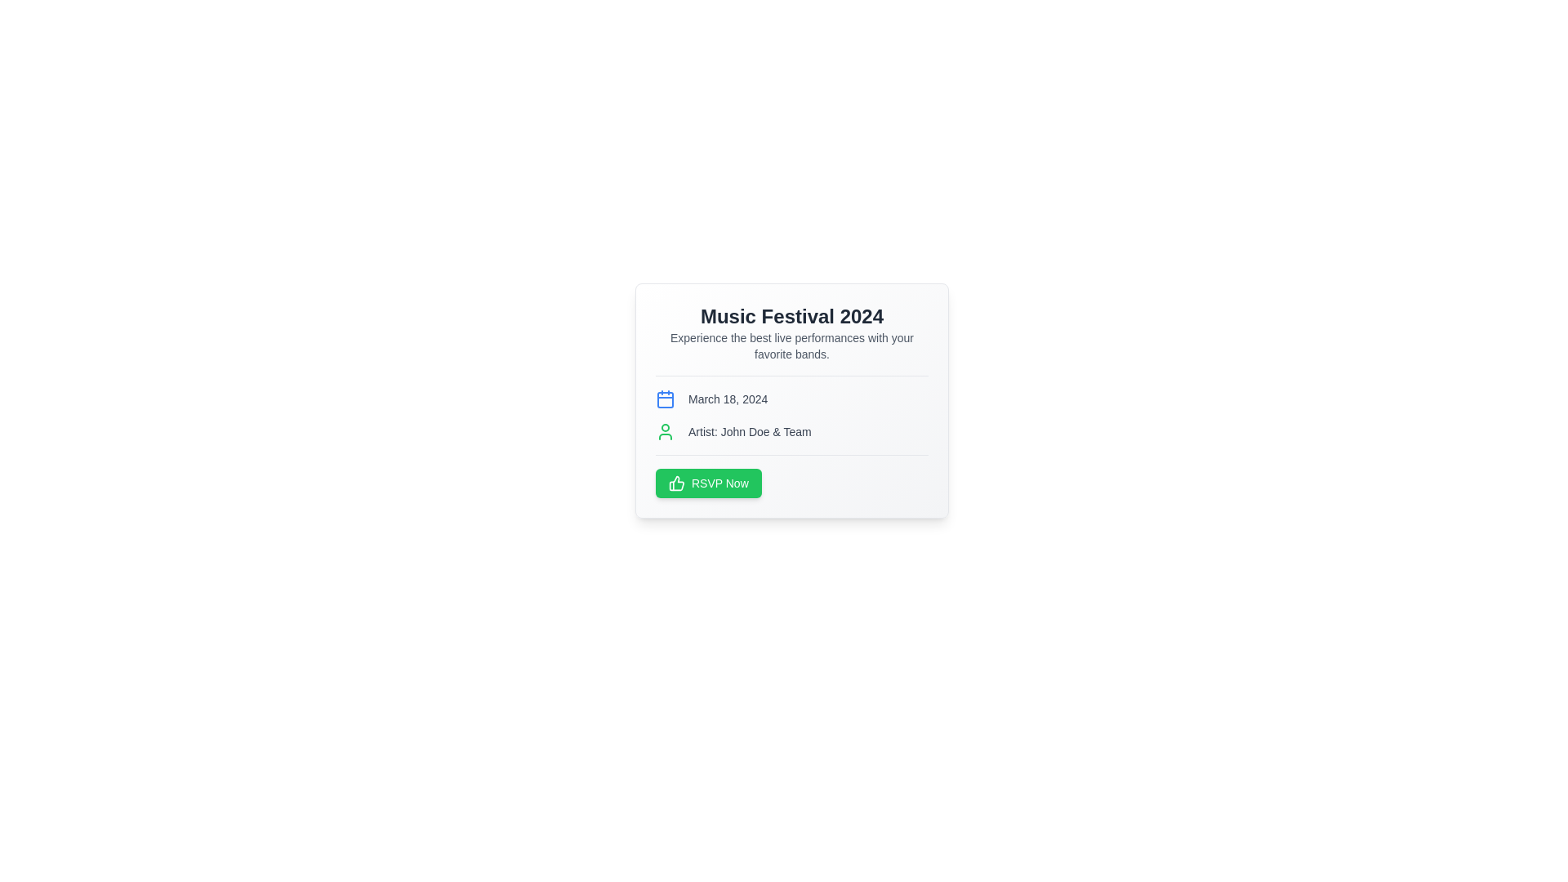 This screenshot has width=1568, height=882. Describe the element at coordinates (791, 345) in the screenshot. I see `descriptive text located directly beneath the headline 'Music Festival 2024', which emphasizes the offering of live performances by favorite bands` at that location.